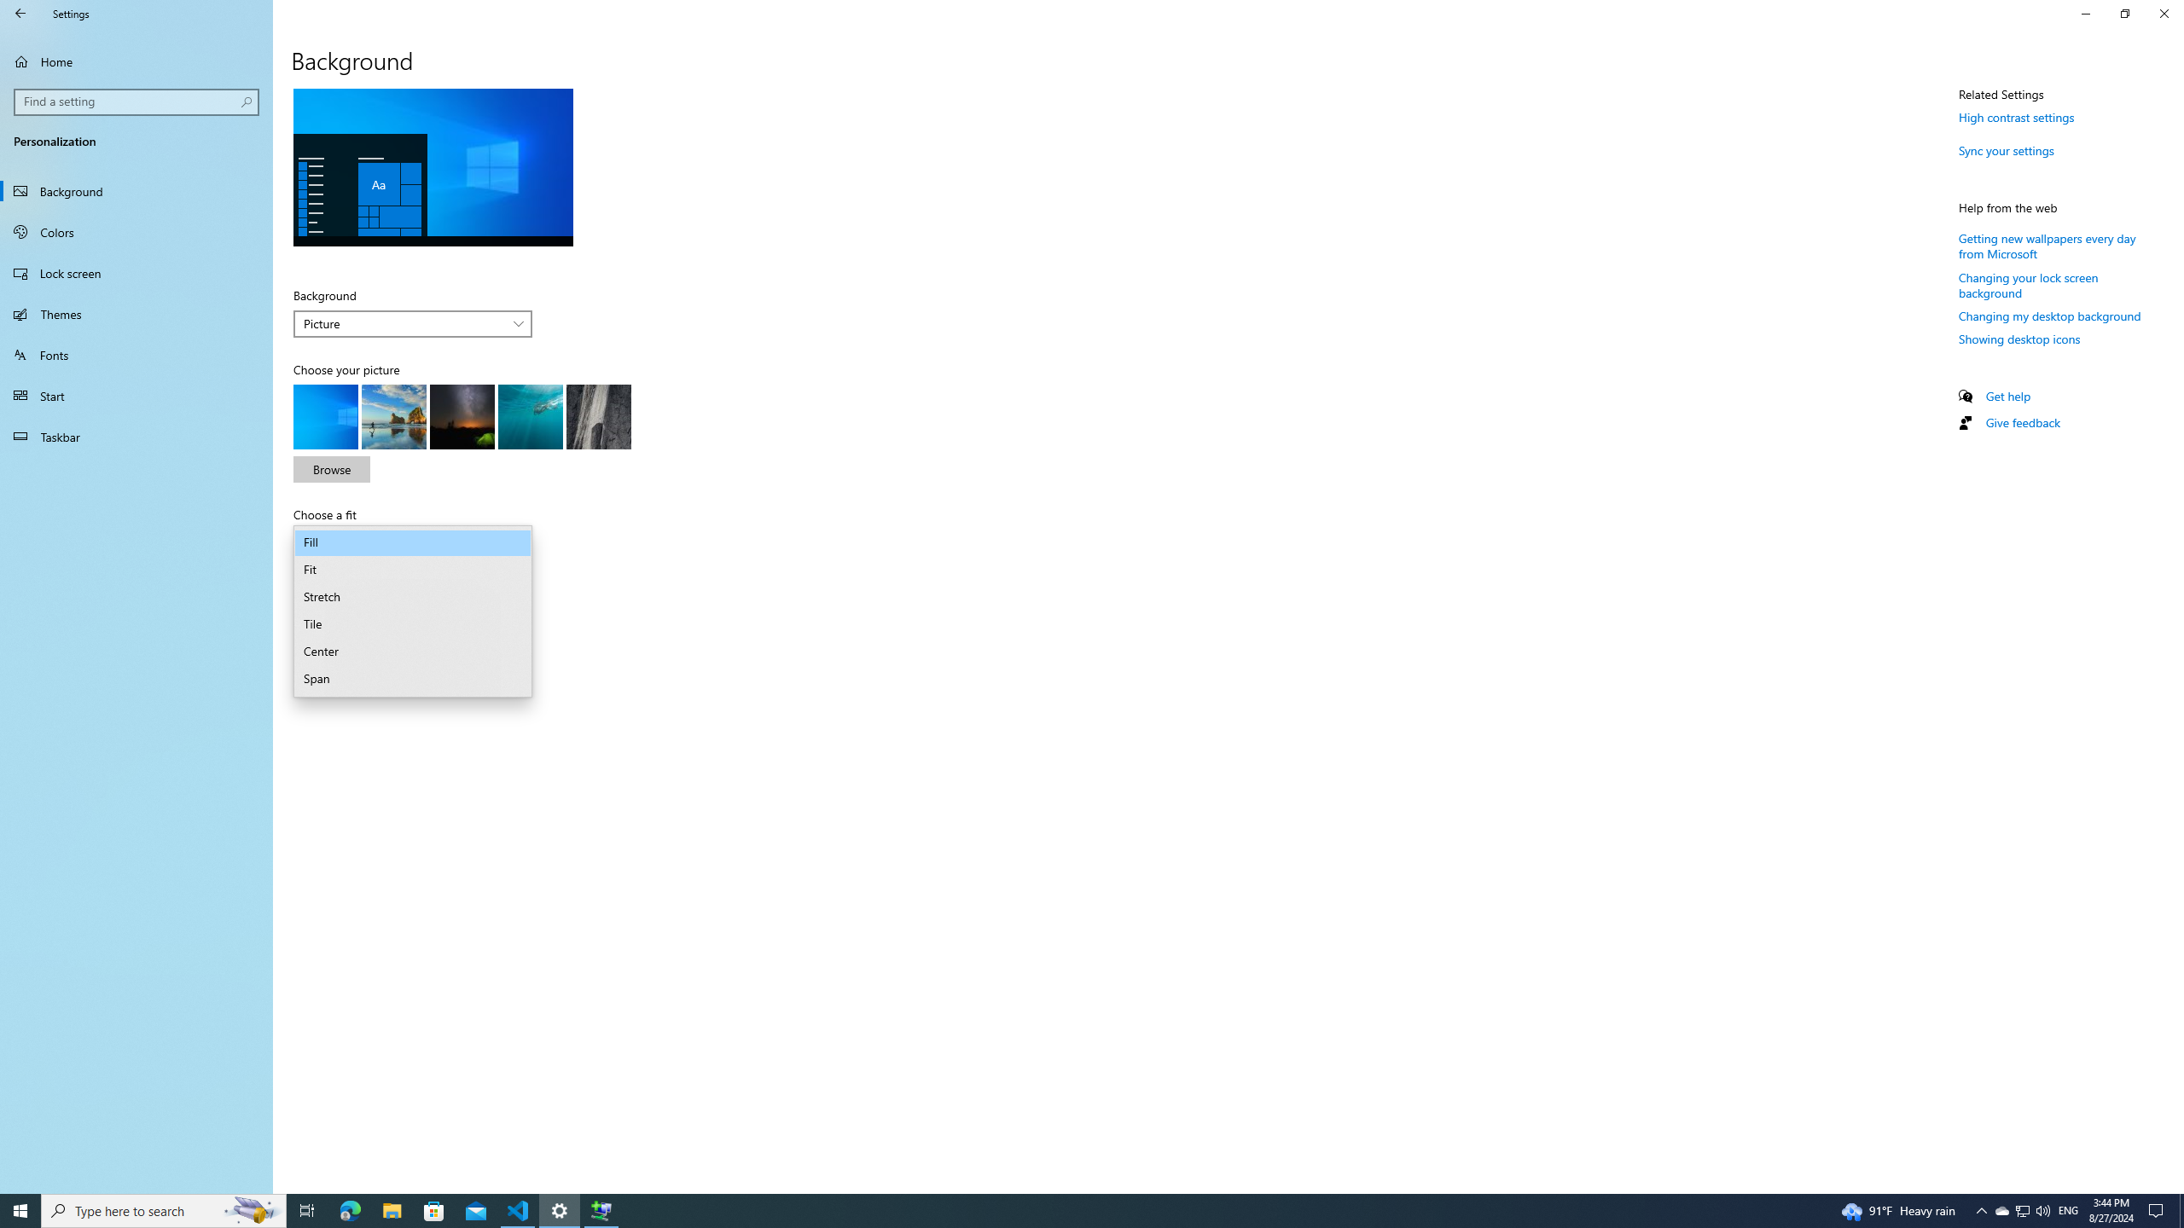  Describe the element at coordinates (2181, 1209) in the screenshot. I see `'Show desktop'` at that location.